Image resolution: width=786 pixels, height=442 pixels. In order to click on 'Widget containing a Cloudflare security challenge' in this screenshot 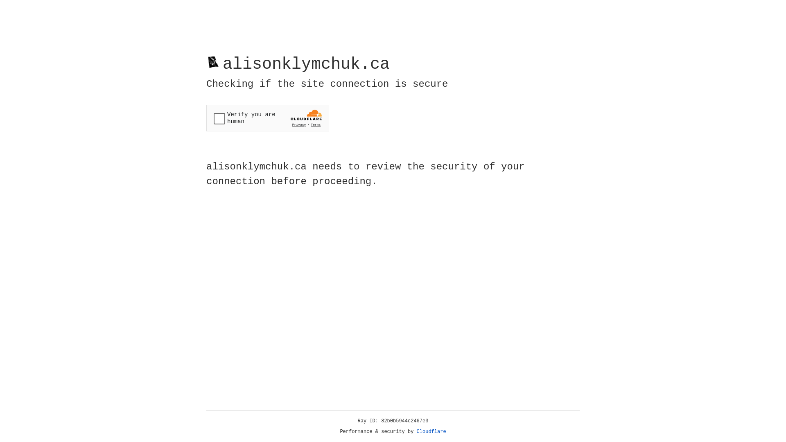, I will do `click(267, 118)`.